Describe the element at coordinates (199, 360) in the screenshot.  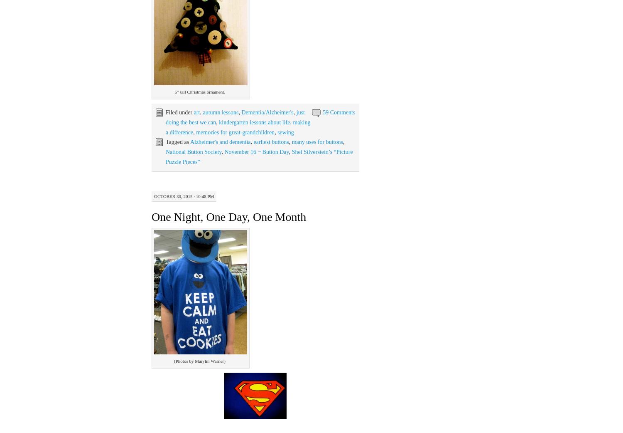
I see `'(Photos by Marylin Warner)'` at that location.